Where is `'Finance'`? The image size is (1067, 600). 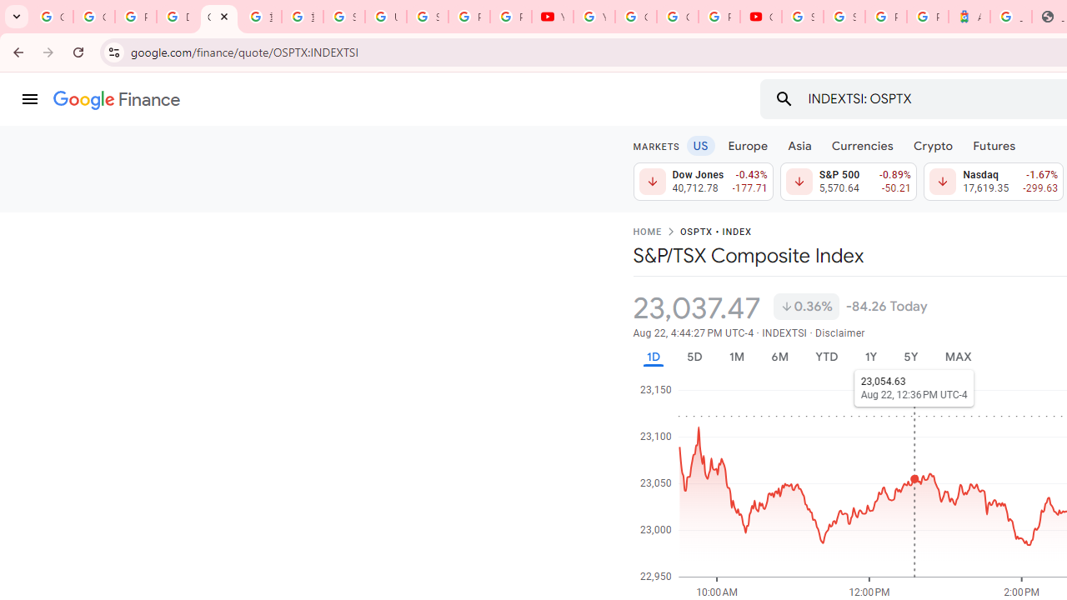 'Finance' is located at coordinates (116, 100).